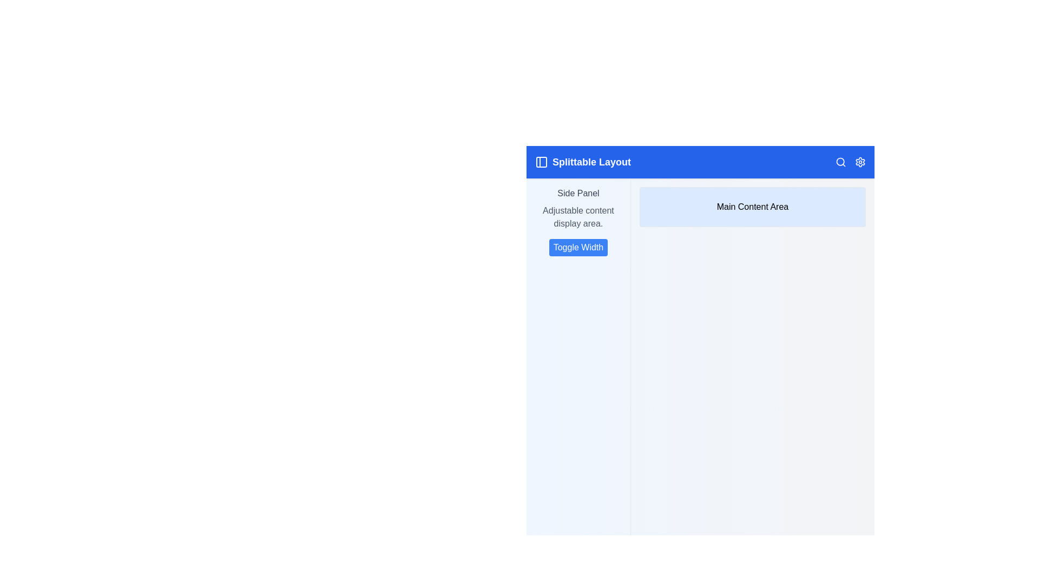  I want to click on the small rectangular SVG component with rounded corners, which is outlined and located in the left portion of the graphical icon, so click(542, 162).